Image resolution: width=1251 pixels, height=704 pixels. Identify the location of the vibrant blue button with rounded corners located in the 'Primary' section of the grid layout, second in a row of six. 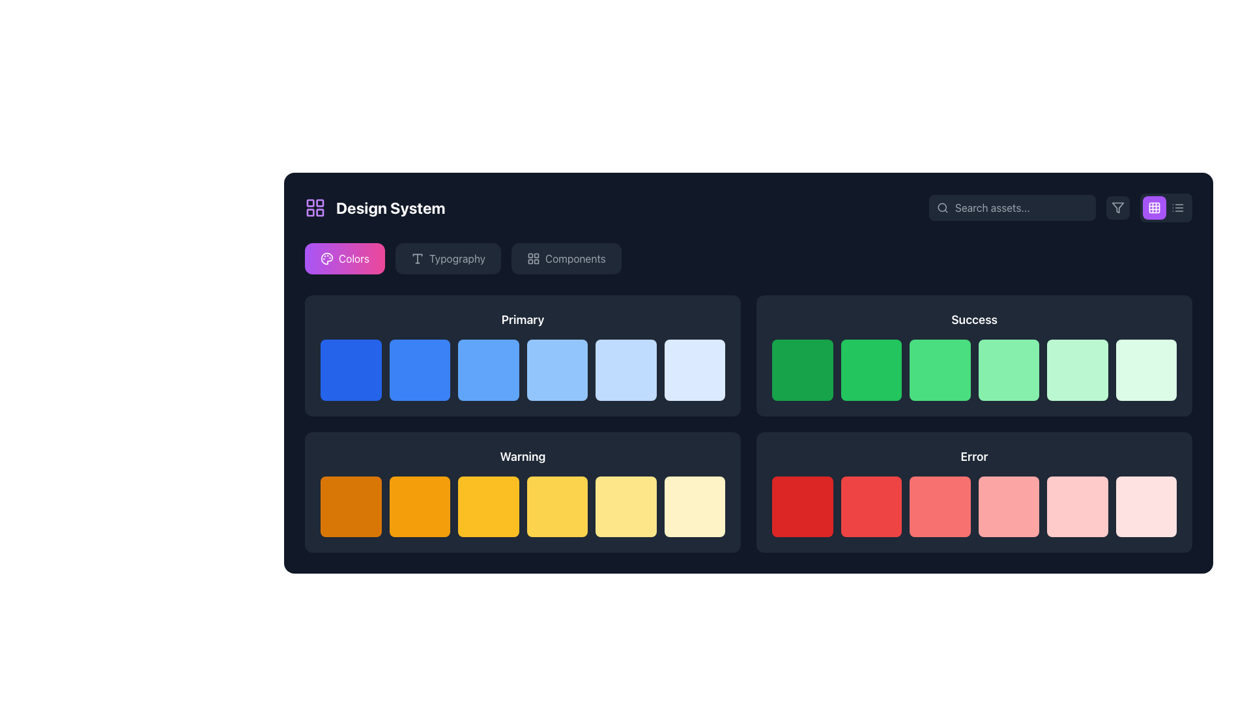
(420, 370).